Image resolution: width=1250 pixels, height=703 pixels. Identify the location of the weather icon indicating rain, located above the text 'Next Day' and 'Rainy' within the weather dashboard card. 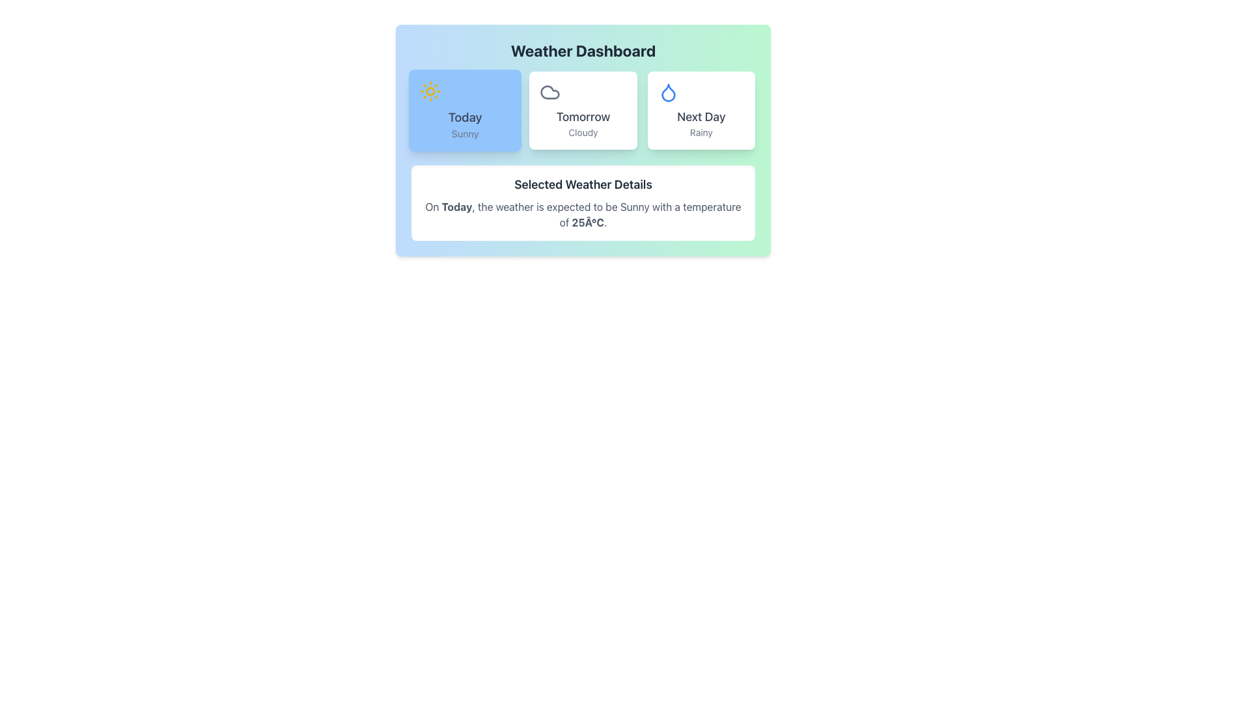
(668, 92).